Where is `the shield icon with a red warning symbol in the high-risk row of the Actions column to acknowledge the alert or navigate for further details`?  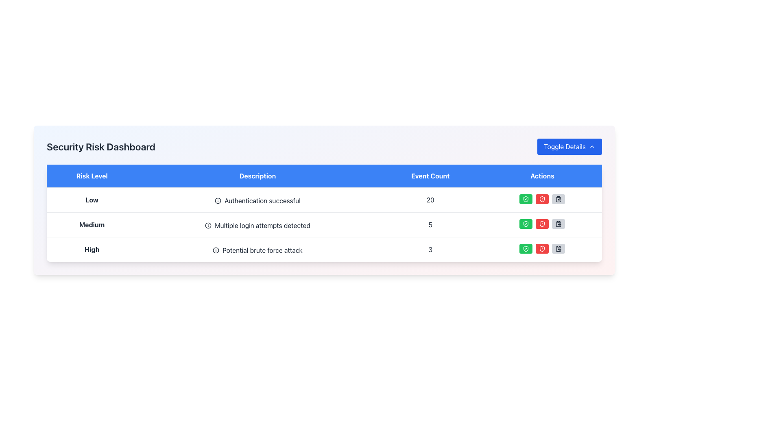 the shield icon with a red warning symbol in the high-risk row of the Actions column to acknowledge the alert or navigate for further details is located at coordinates (542, 224).